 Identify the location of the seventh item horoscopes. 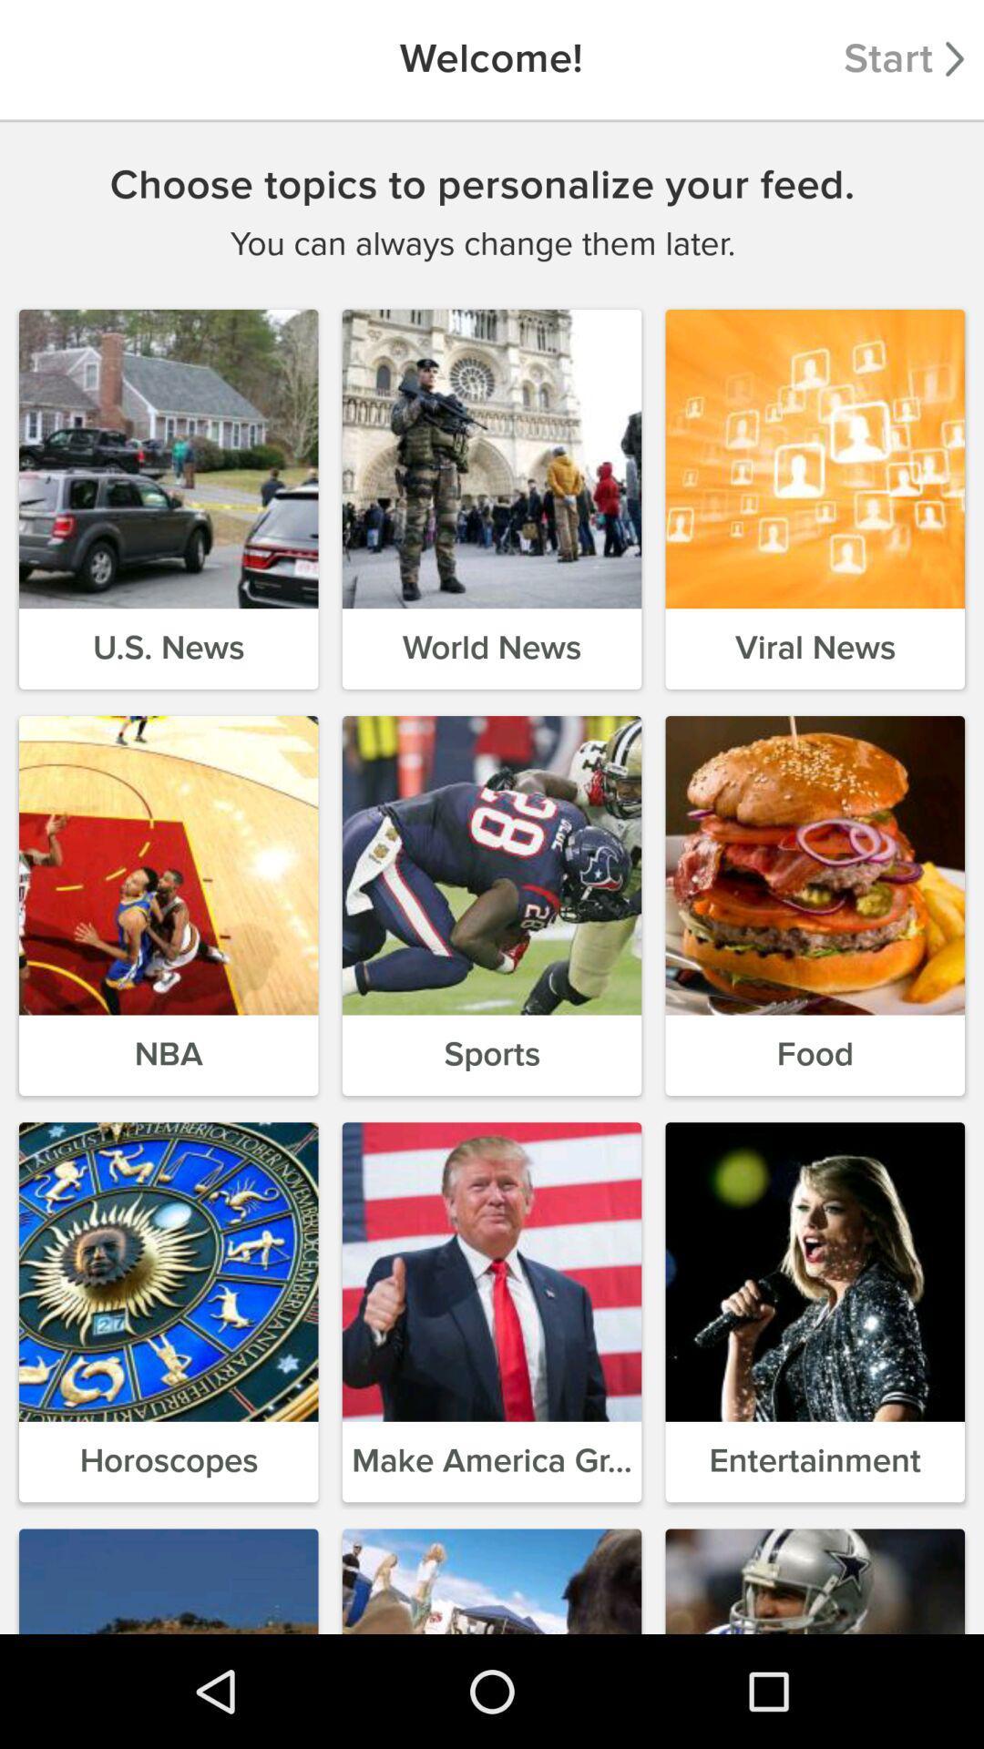
(169, 1312).